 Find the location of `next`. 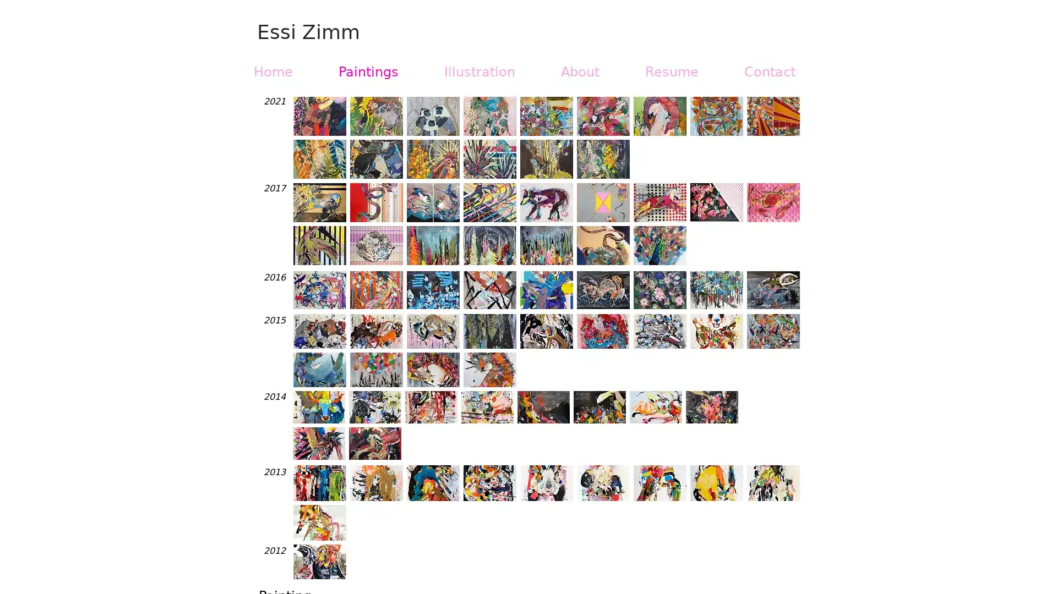

next is located at coordinates (776, 233).